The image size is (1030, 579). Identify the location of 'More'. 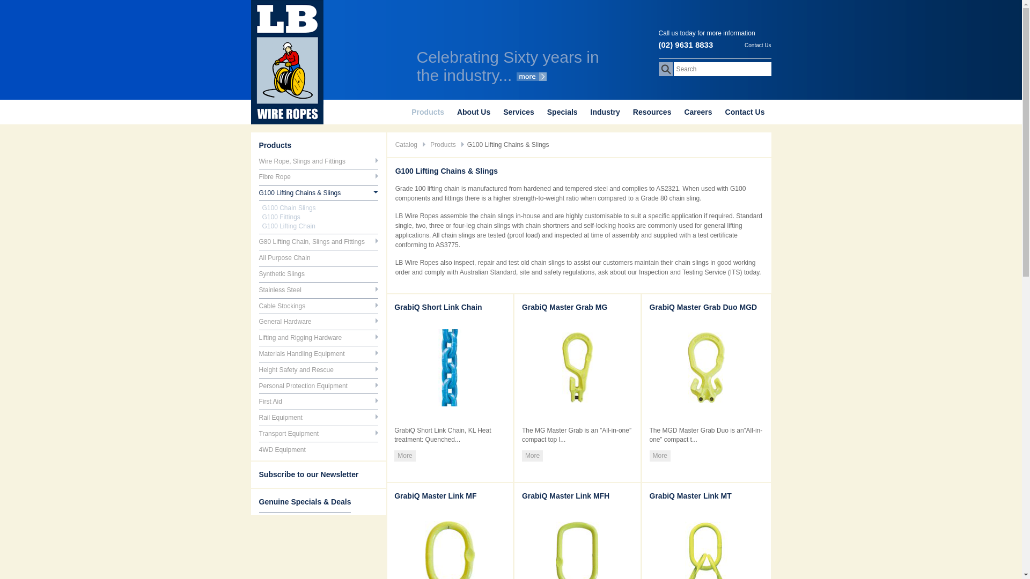
(659, 456).